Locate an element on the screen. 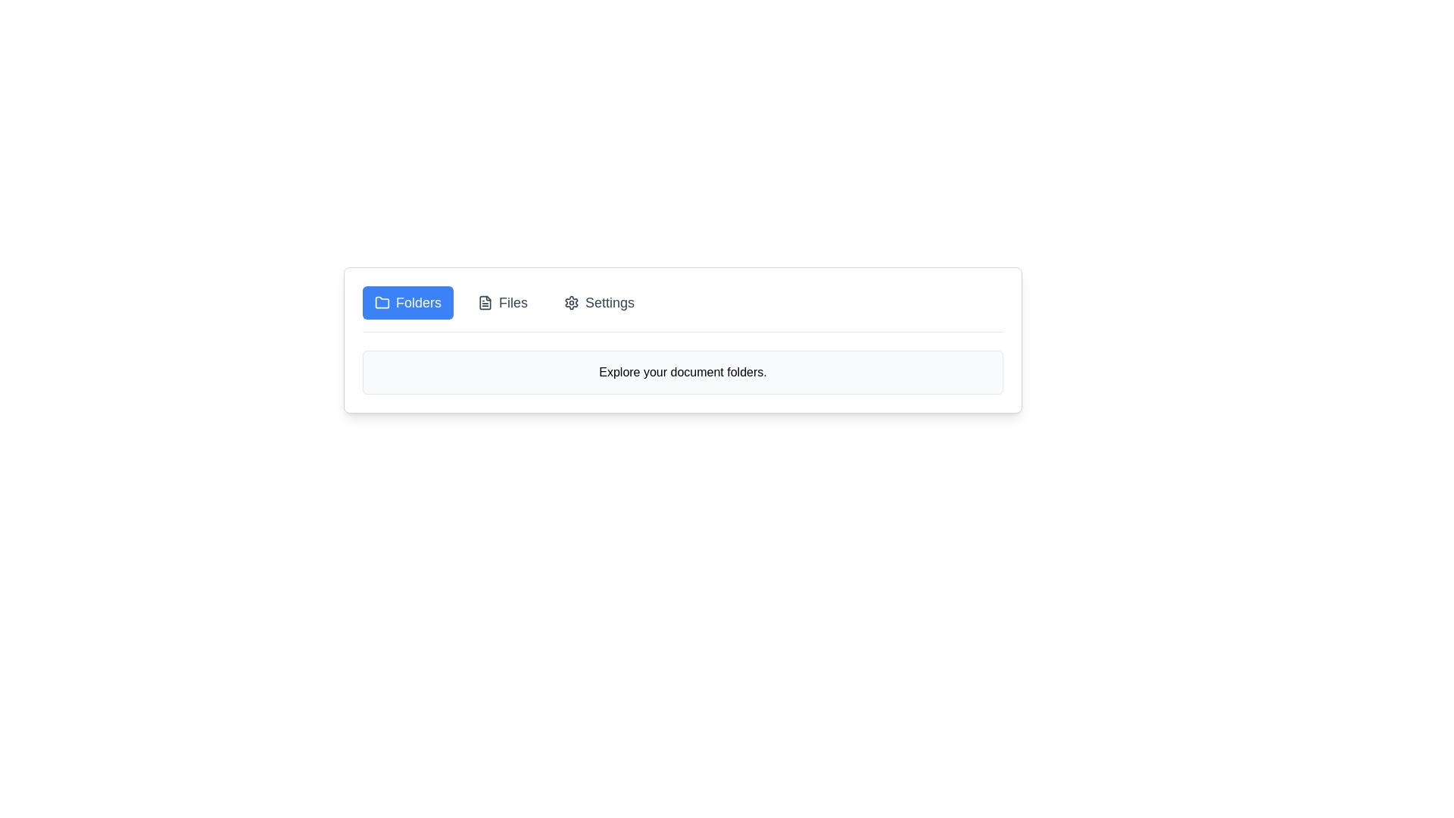  the tab labeled Folders to select it is located at coordinates (407, 303).